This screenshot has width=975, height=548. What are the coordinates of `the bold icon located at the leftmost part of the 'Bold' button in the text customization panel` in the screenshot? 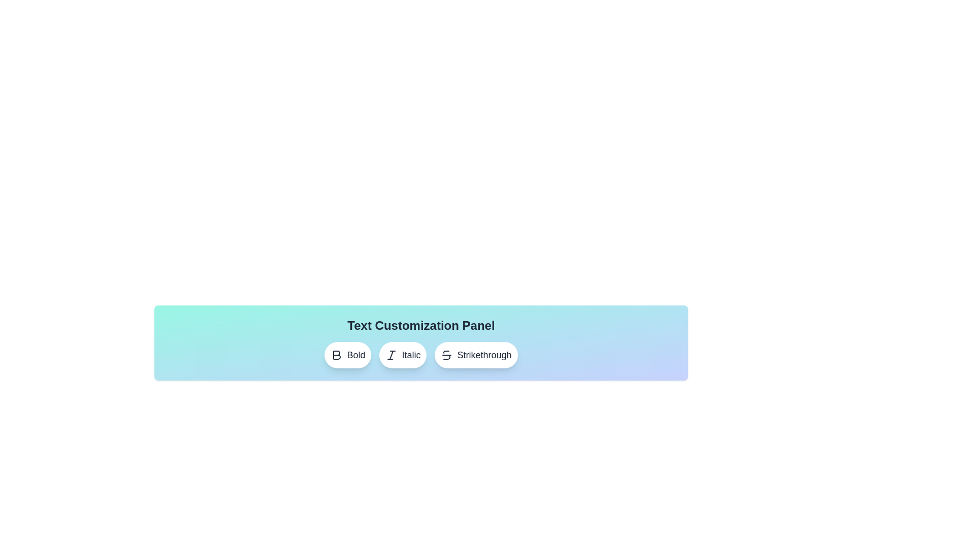 It's located at (337, 354).